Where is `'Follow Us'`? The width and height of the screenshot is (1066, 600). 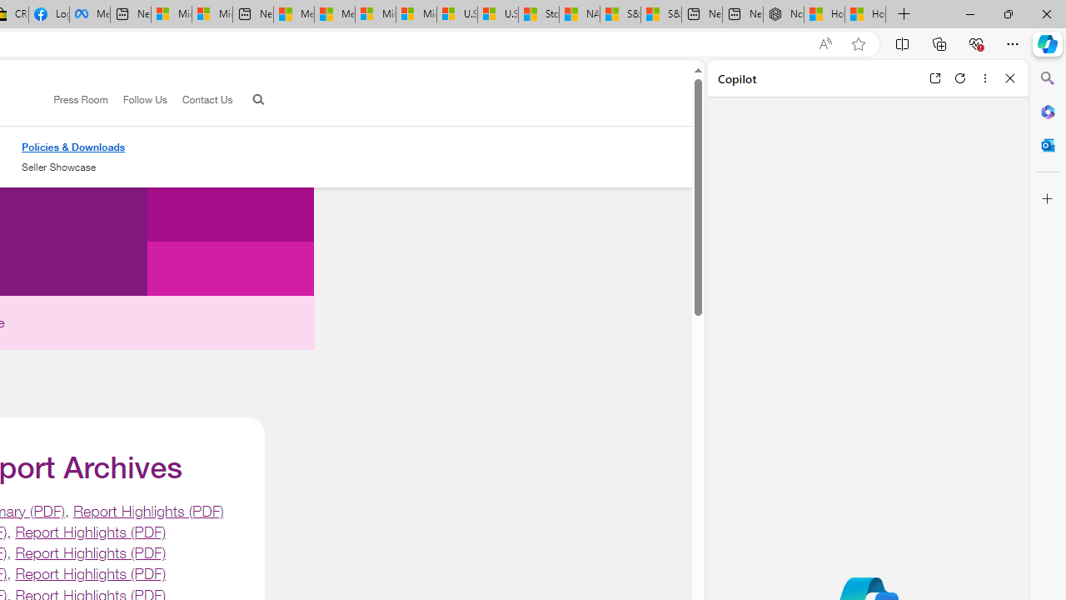 'Follow Us' is located at coordinates (145, 99).